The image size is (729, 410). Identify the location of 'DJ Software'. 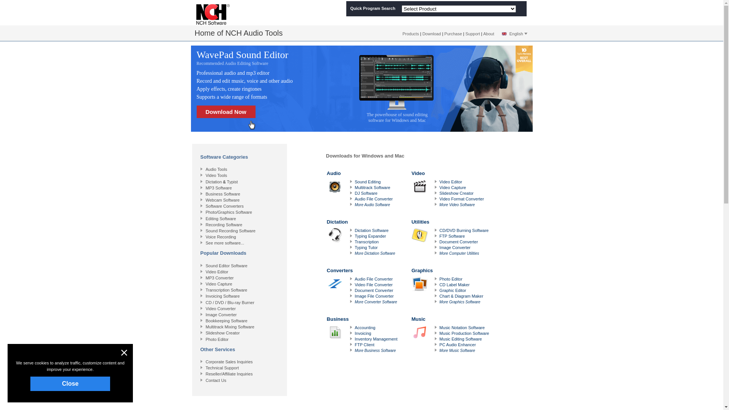
(366, 193).